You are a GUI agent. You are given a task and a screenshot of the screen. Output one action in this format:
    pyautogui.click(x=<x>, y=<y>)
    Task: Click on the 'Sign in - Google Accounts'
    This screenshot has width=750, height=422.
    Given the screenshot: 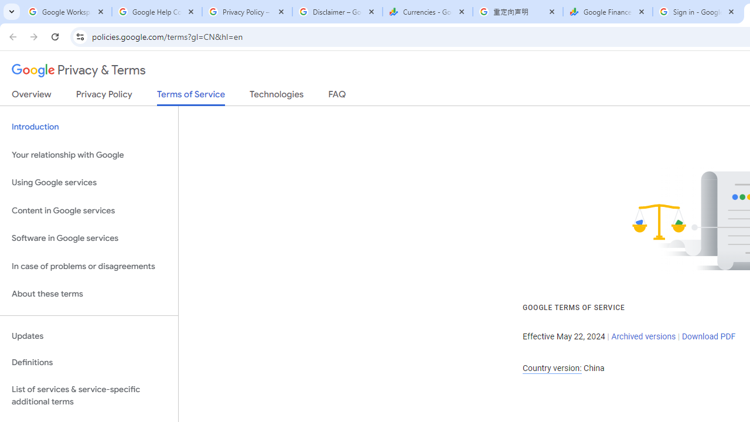 What is the action you would take?
    pyautogui.click(x=697, y=12)
    